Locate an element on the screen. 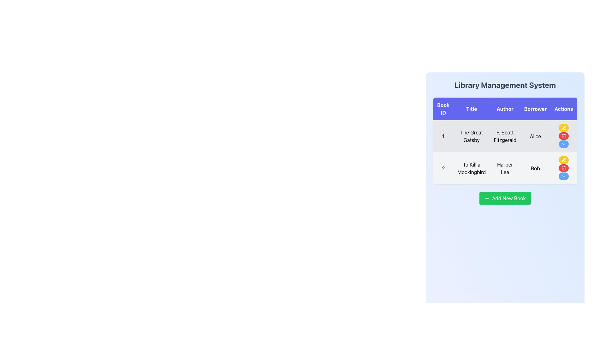  the Table Header element labeled 'Title', which is the second column header in the table, situated between 'Book ID' and 'Author' is located at coordinates (472, 109).